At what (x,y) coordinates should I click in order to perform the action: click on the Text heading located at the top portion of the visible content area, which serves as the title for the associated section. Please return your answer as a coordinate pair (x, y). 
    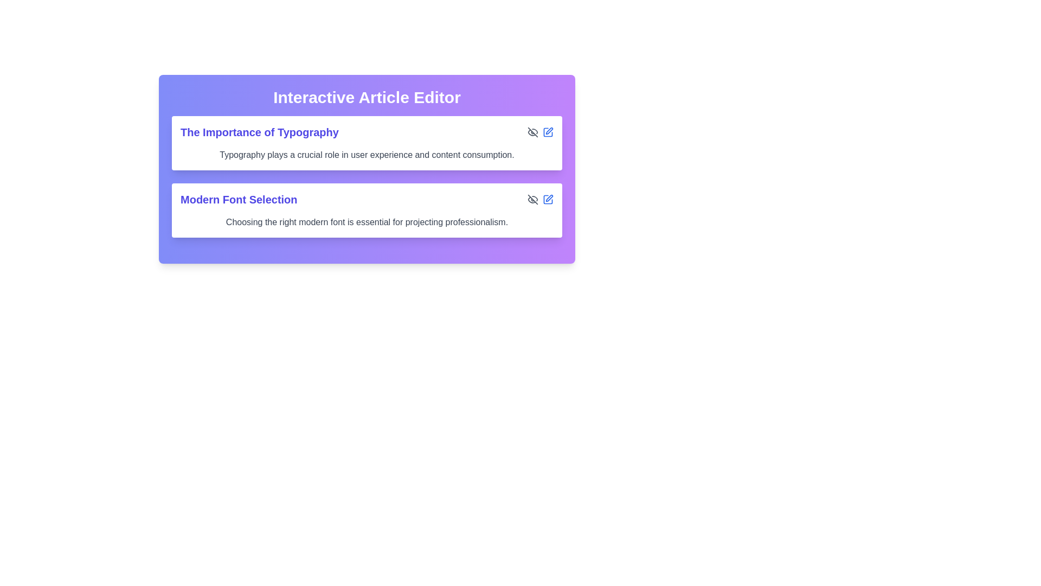
    Looking at the image, I should click on (259, 131).